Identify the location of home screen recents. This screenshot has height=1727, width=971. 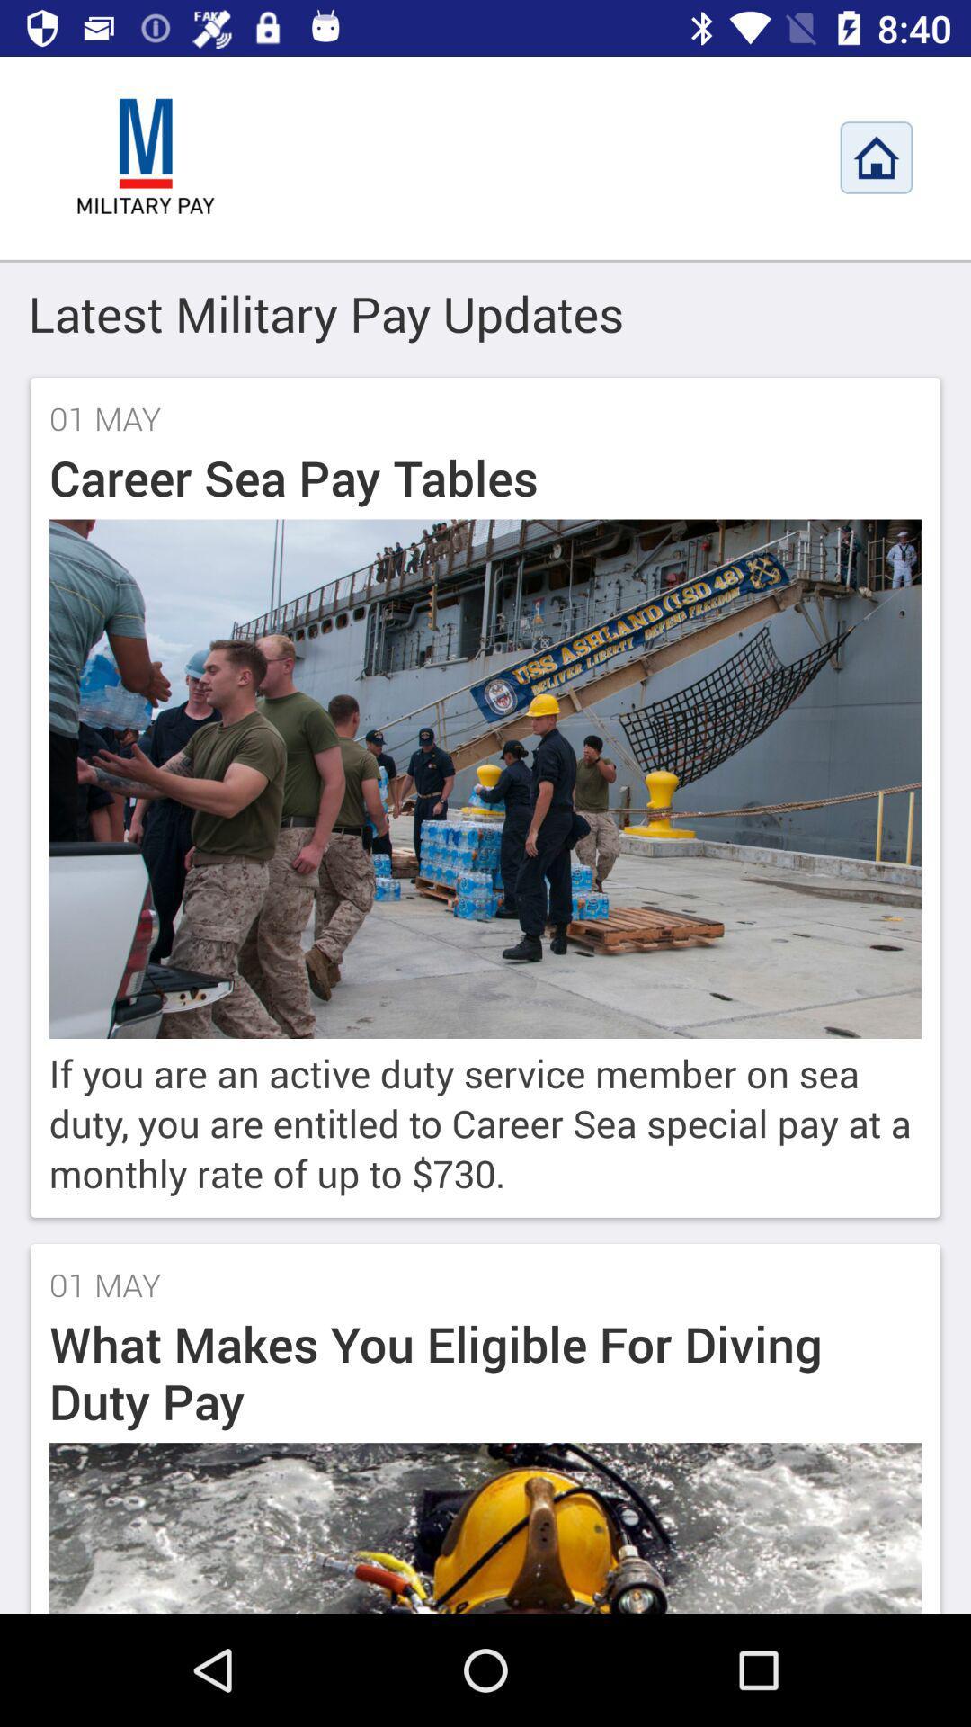
(876, 157).